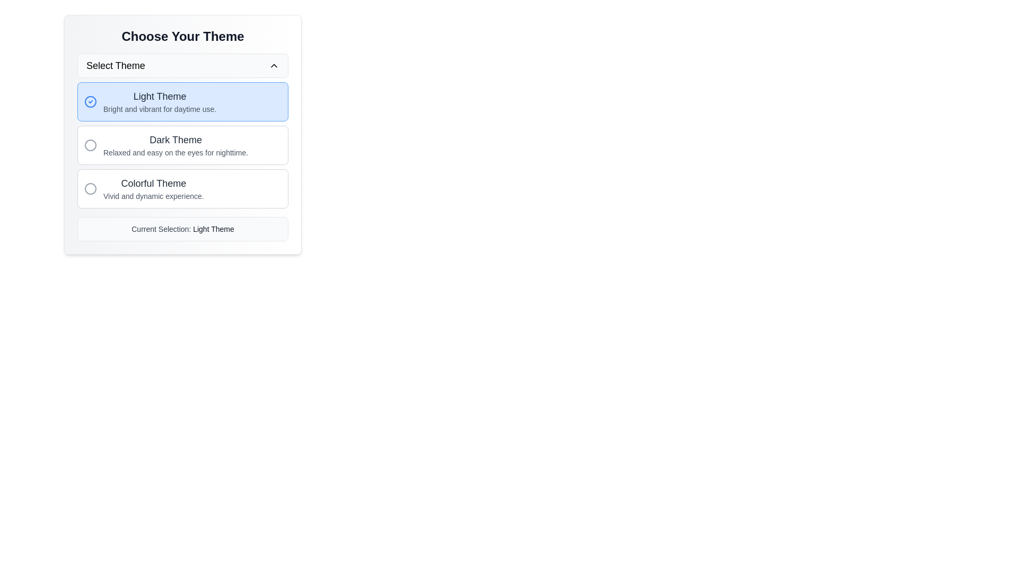 The height and width of the screenshot is (573, 1018). I want to click on the Informational display panel which shows 'Current Selection: Light Theme' with 'Light Theme' in bold, located below the theme options list in the 'Choose Your Theme' section, so click(183, 229).